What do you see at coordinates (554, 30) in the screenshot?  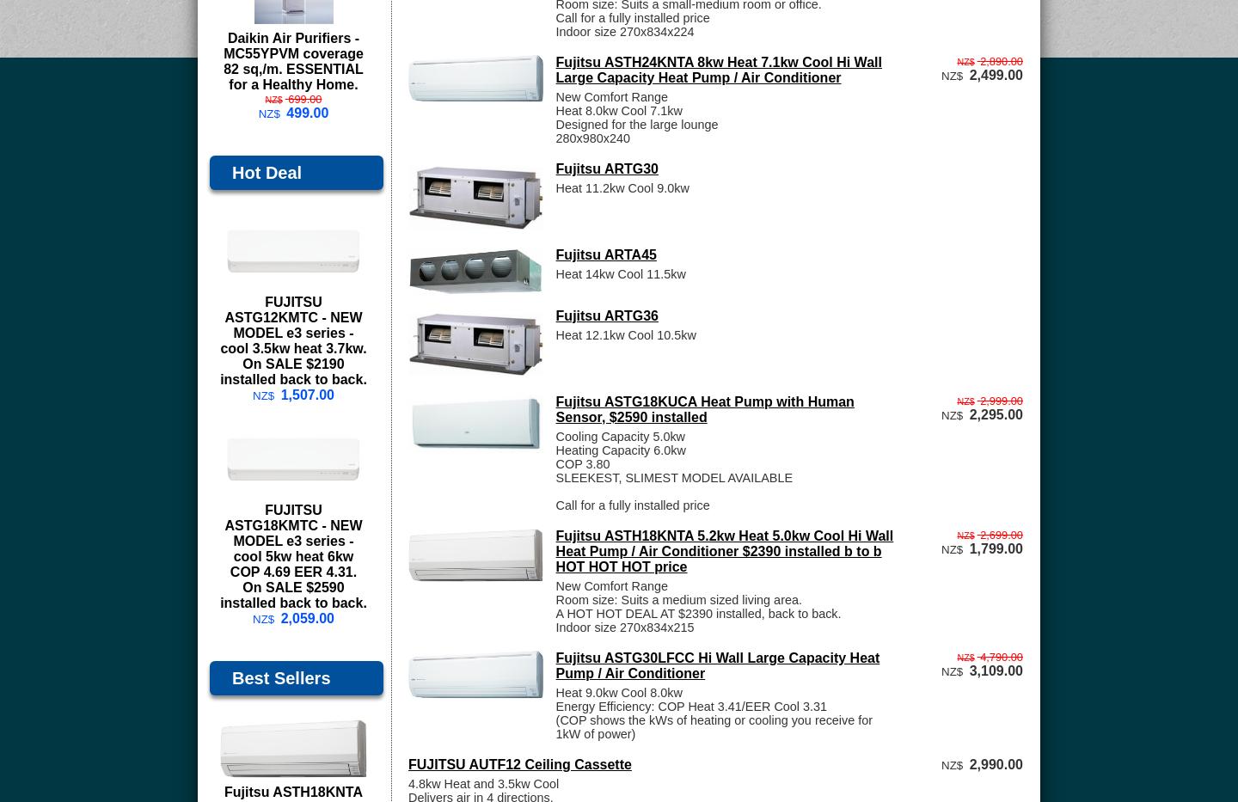 I see `'Indoor size 270x834x224'` at bounding box center [554, 30].